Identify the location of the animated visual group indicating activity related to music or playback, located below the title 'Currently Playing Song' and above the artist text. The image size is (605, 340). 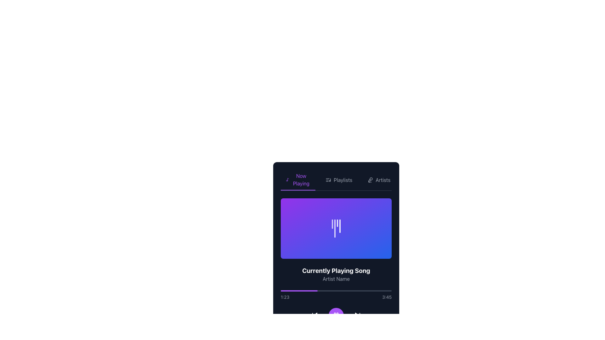
(336, 228).